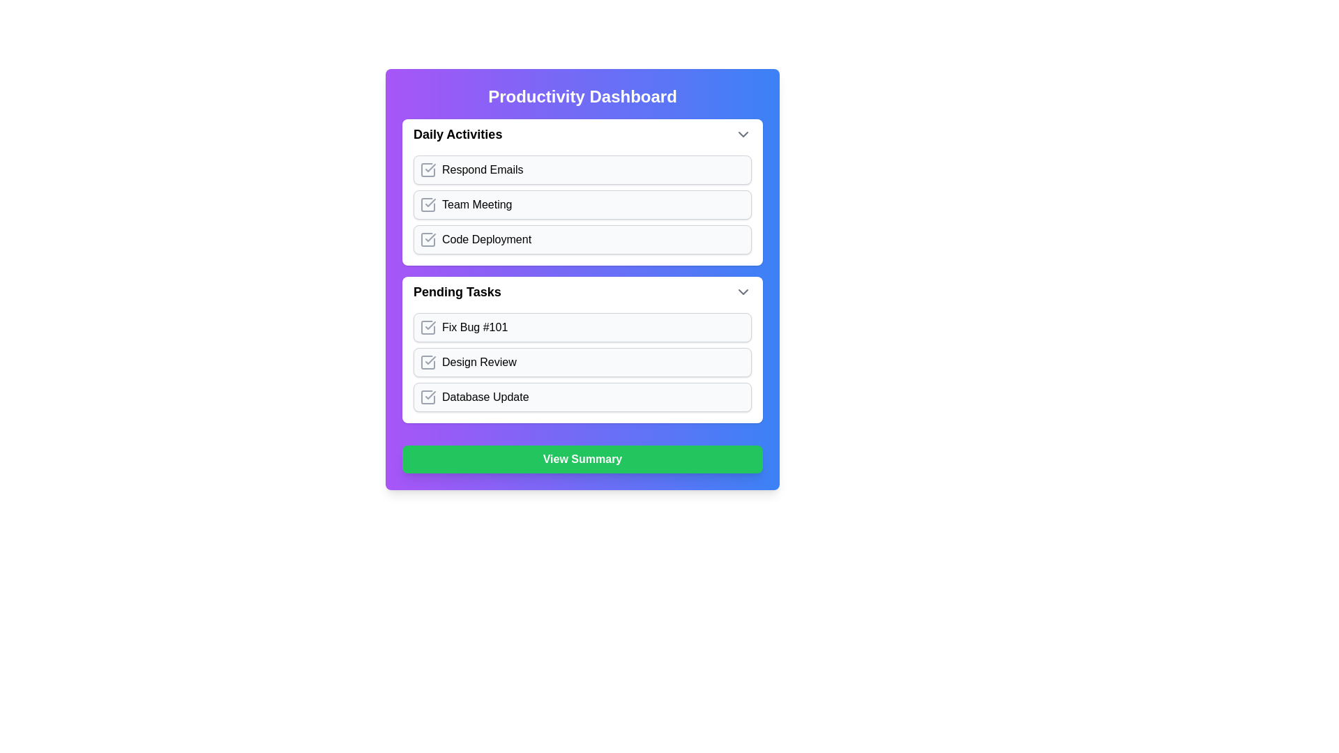 The image size is (1339, 753). I want to click on the graphical icon within the checkbox component for the 'Team Meeting' checklist item in the 'Daily Activities' section, so click(428, 204).